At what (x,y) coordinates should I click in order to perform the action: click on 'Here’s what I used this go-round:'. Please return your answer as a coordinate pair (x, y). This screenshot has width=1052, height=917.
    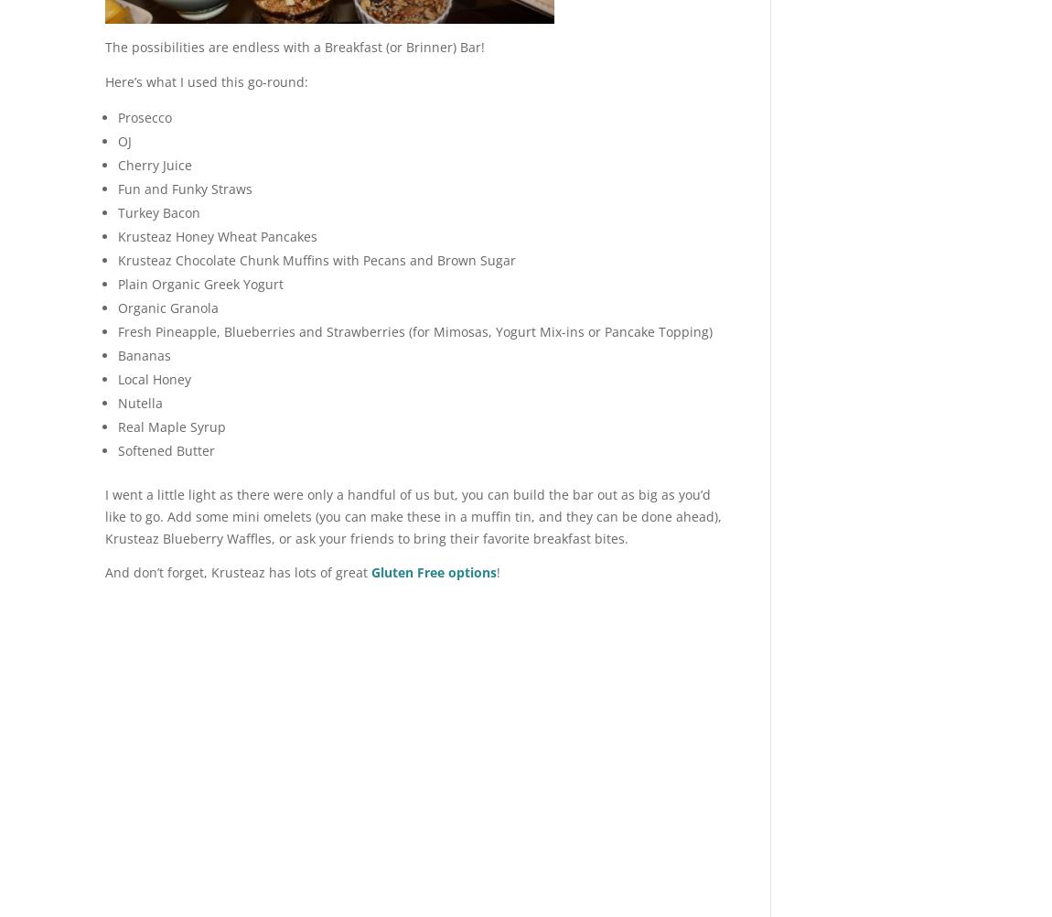
    Looking at the image, I should click on (205, 81).